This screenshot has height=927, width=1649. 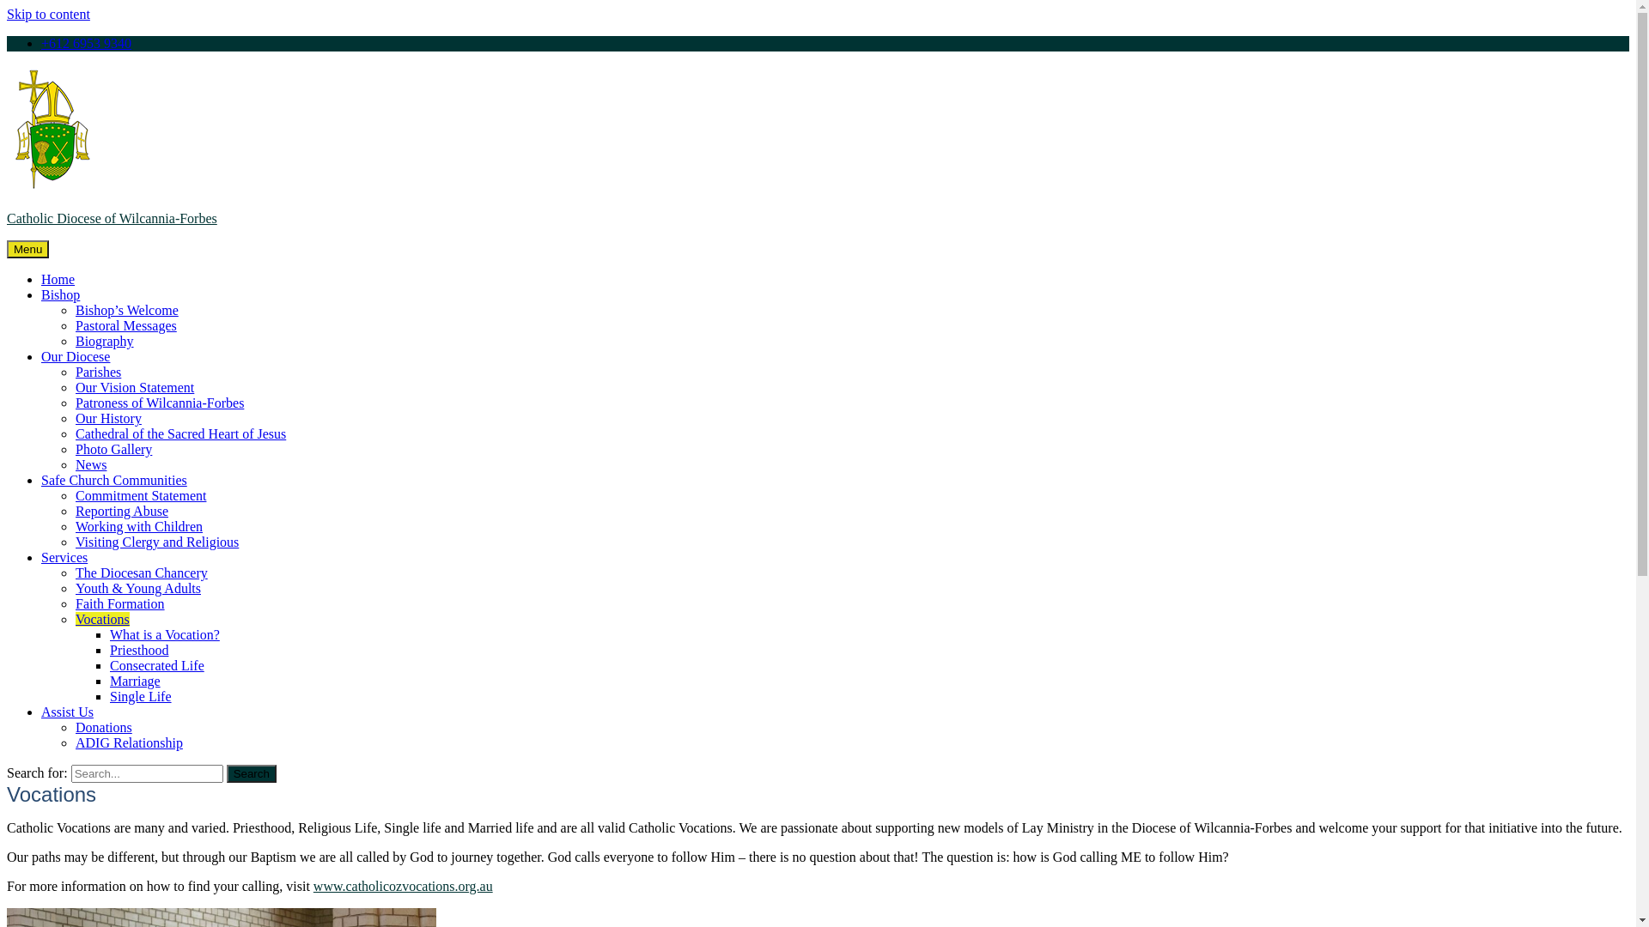 What do you see at coordinates (119, 603) in the screenshot?
I see `'Faith Formation'` at bounding box center [119, 603].